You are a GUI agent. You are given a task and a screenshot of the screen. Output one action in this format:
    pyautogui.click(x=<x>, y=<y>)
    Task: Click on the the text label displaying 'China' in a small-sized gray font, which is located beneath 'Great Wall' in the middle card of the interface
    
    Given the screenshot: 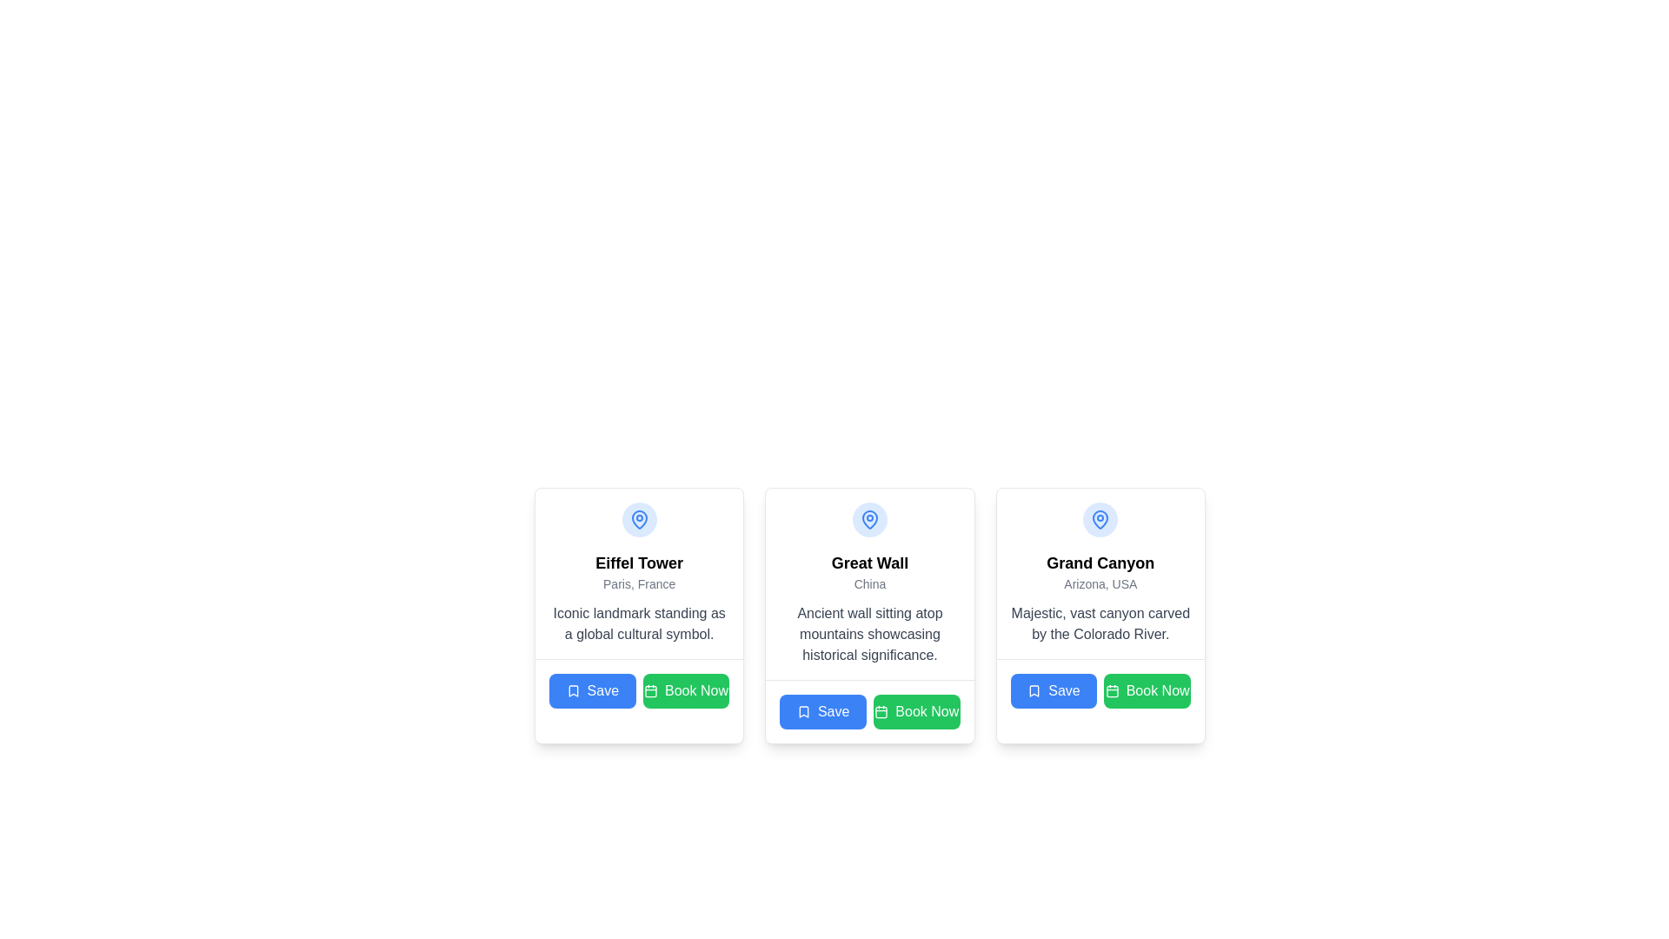 What is the action you would take?
    pyautogui.click(x=869, y=583)
    